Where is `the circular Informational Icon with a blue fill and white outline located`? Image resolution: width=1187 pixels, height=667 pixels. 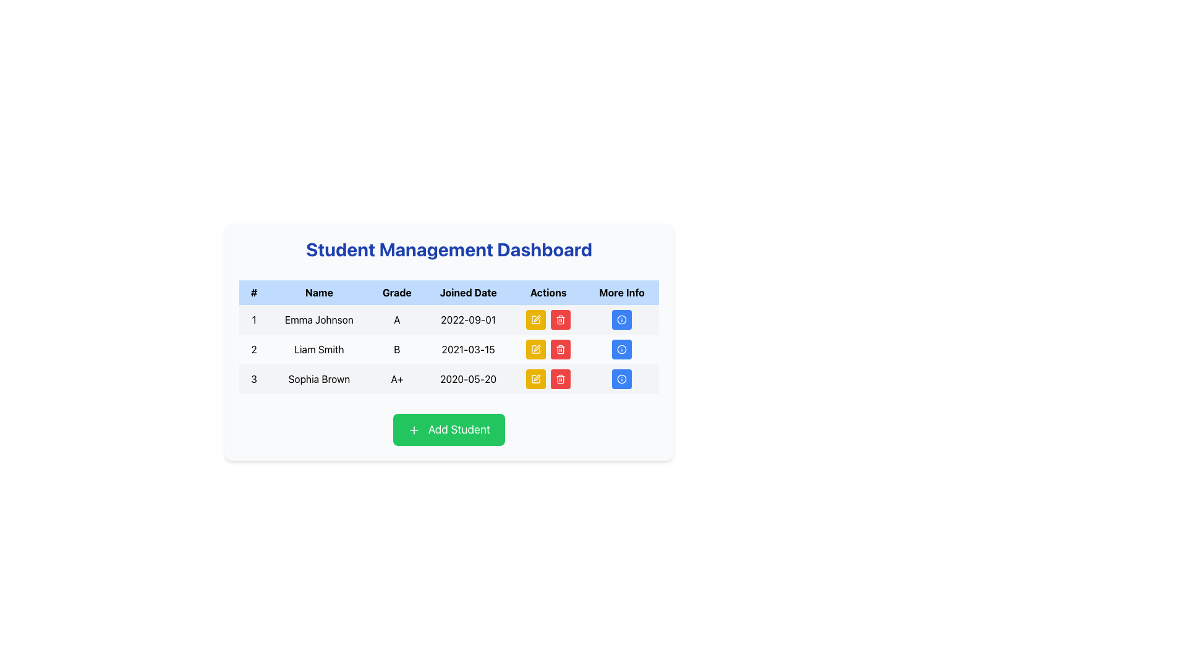
the circular Informational Icon with a blue fill and white outline located is located at coordinates (622, 350).